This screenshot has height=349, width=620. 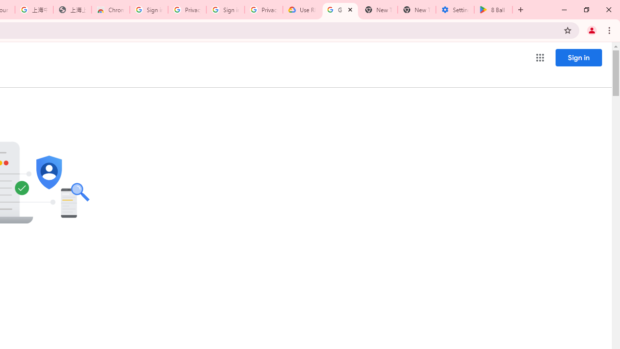 I want to click on 'Chrome Web Store - Color themes by Chrome', so click(x=110, y=10).